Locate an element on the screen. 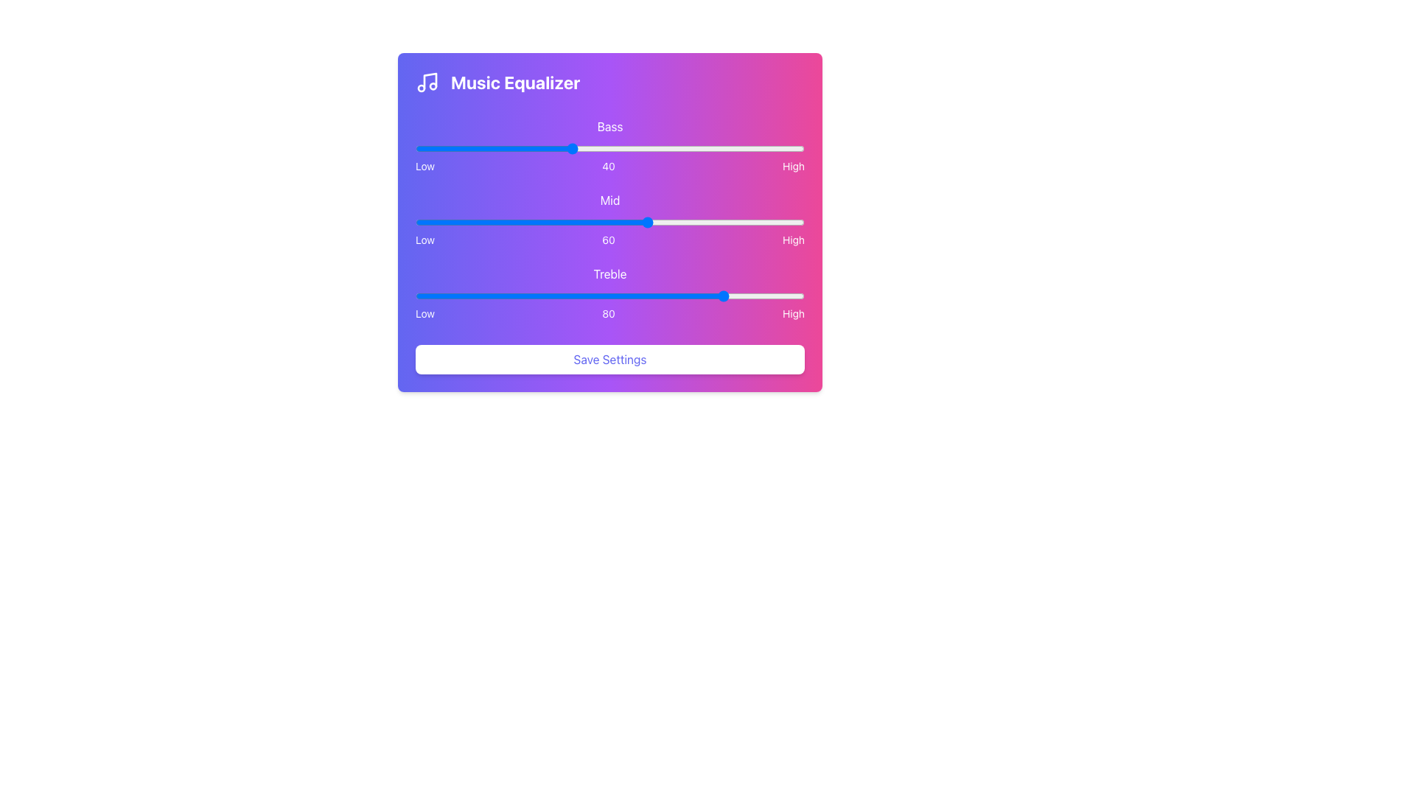 This screenshot has width=1415, height=796. the 'Mid' slider is located at coordinates (715, 222).